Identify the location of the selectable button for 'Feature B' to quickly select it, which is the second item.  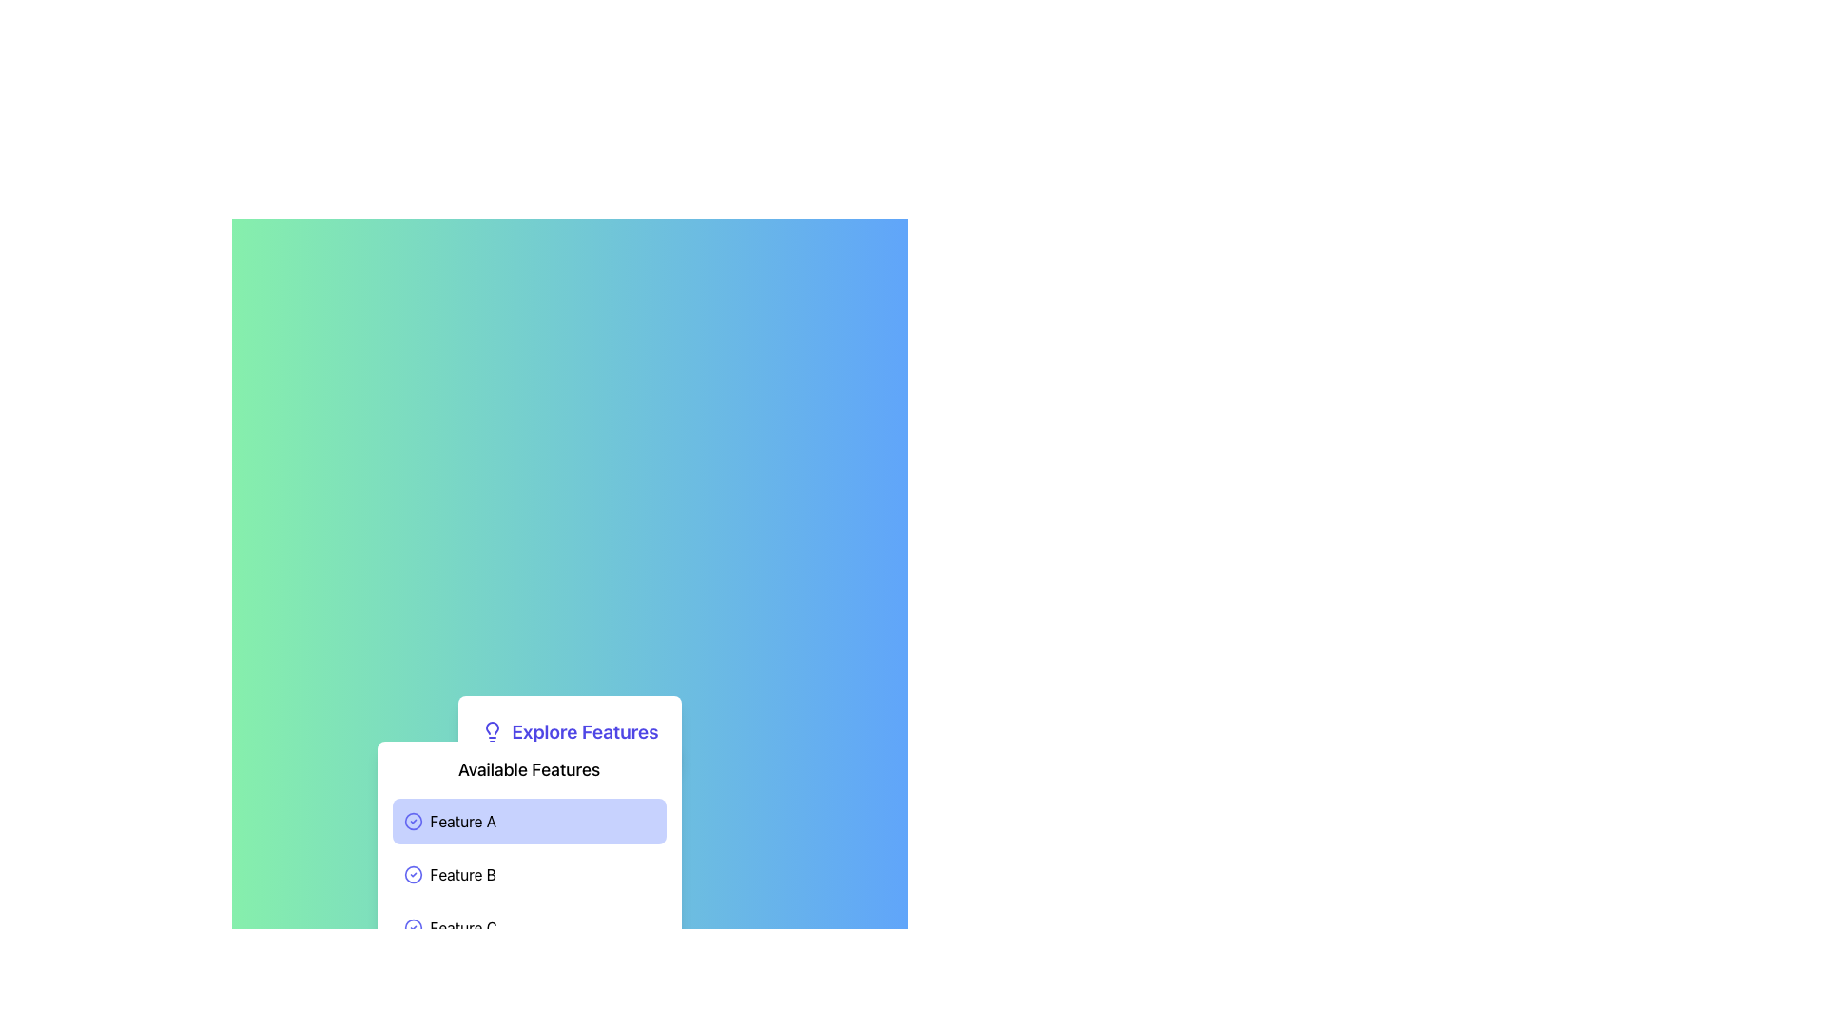
(529, 875).